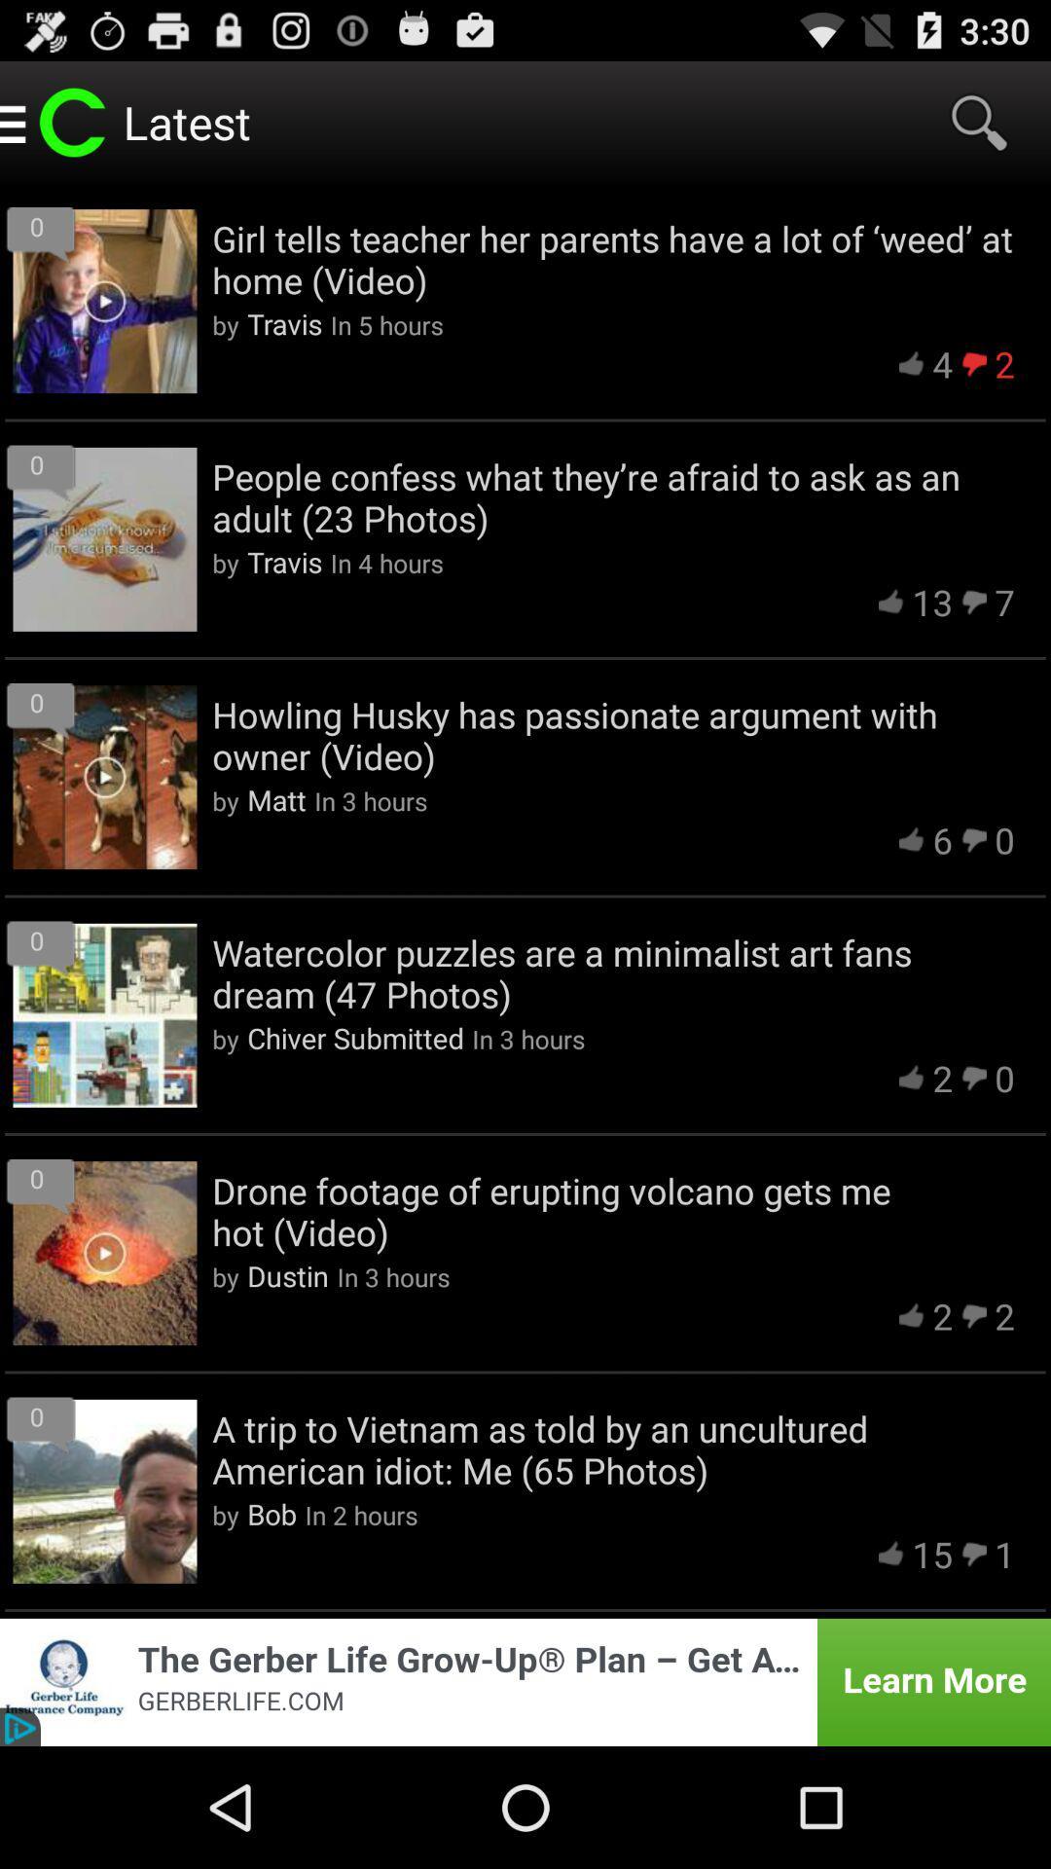  Describe the element at coordinates (931, 601) in the screenshot. I see `the 13 app` at that location.